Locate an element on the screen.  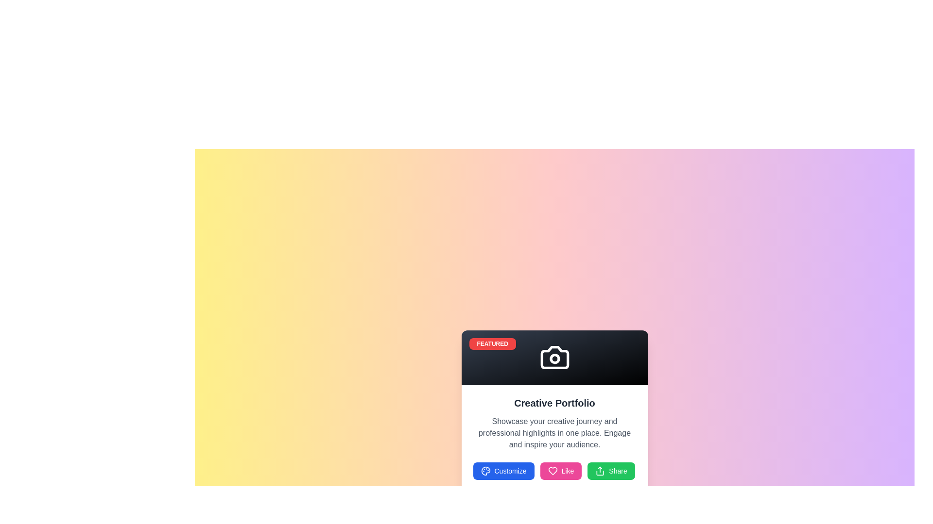
the 'Like' icon located below the 'Creative Portfolio' section is located at coordinates (553, 471).